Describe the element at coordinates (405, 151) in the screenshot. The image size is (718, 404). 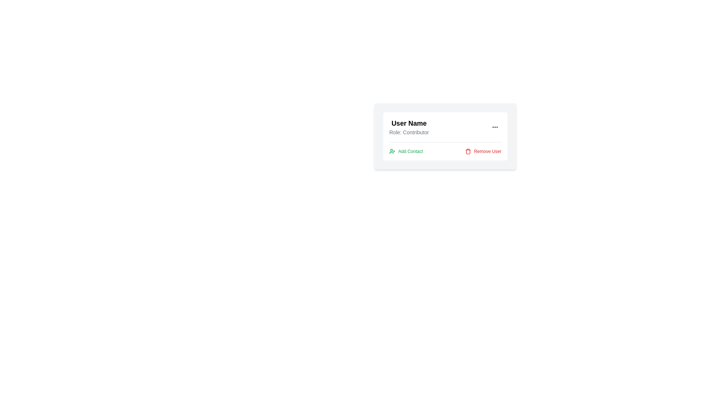
I see `the 'Add Contact' button located on the left side of its bordered section` at that location.